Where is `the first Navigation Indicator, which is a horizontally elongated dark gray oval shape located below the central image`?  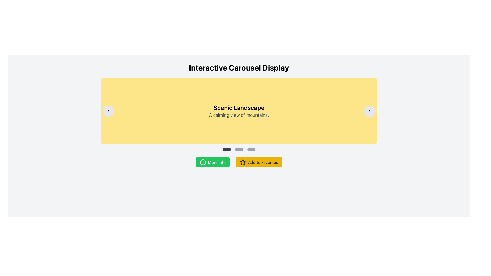
the first Navigation Indicator, which is a horizontally elongated dark gray oval shape located below the central image is located at coordinates (226, 149).